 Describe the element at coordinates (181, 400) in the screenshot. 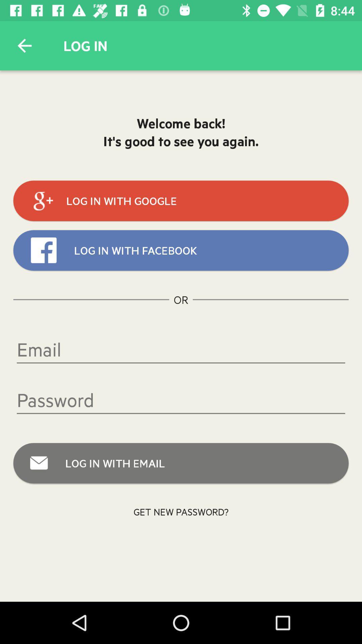

I see `icon above log in with icon` at that location.